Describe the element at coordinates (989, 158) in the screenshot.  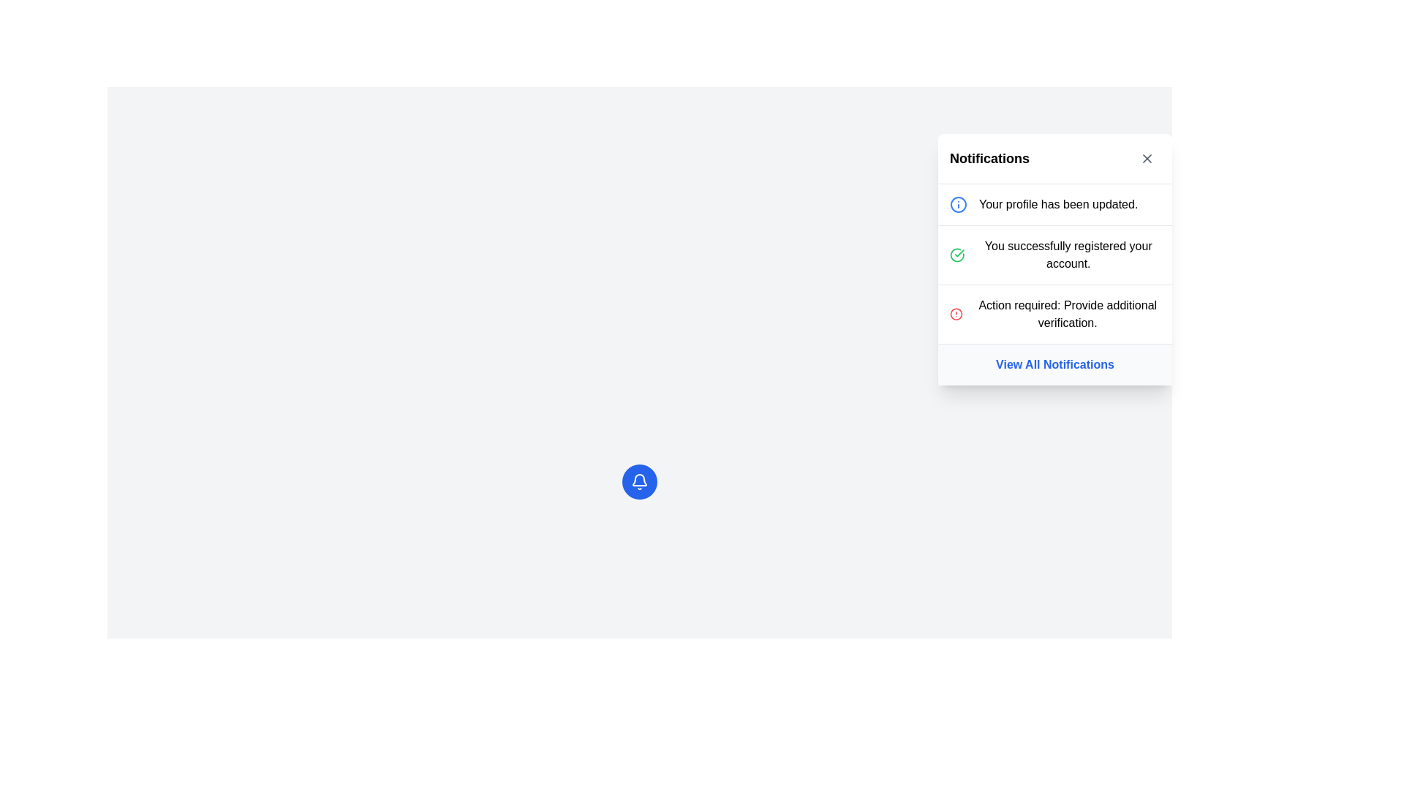
I see `text label that displays 'Notifications' in bold, located at the top of the notification panel interface` at that location.